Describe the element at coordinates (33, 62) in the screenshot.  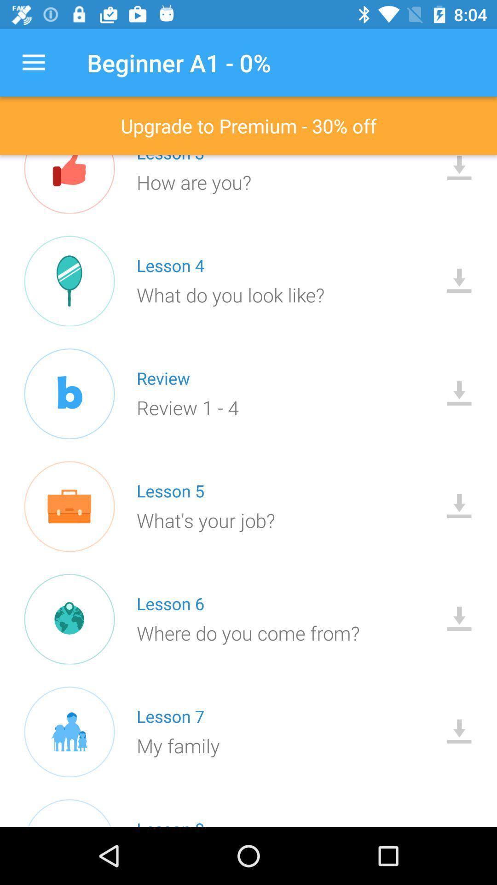
I see `the item above the upgrade to premium icon` at that location.